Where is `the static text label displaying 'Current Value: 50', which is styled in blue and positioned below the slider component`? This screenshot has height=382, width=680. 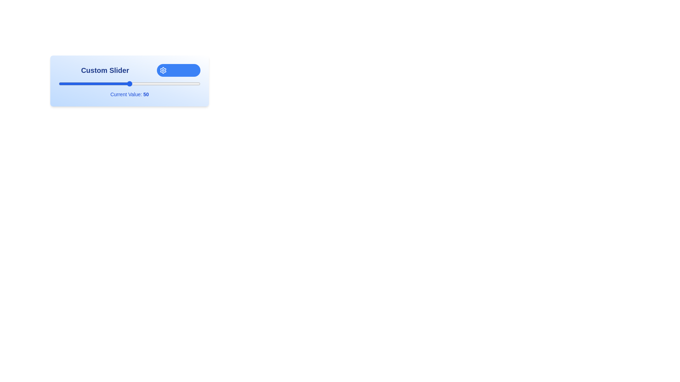
the static text label displaying 'Current Value: 50', which is styled in blue and positioned below the slider component is located at coordinates (129, 94).